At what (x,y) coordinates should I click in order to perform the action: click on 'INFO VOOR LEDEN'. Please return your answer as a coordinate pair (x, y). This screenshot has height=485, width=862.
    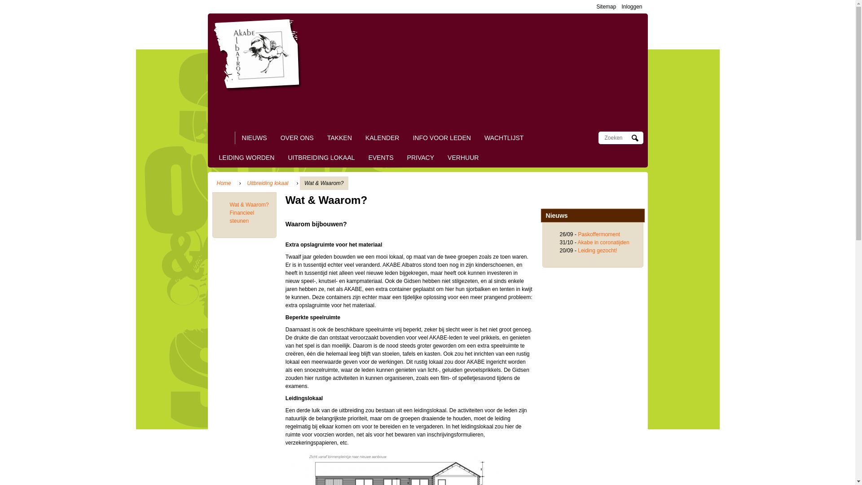
    Looking at the image, I should click on (441, 138).